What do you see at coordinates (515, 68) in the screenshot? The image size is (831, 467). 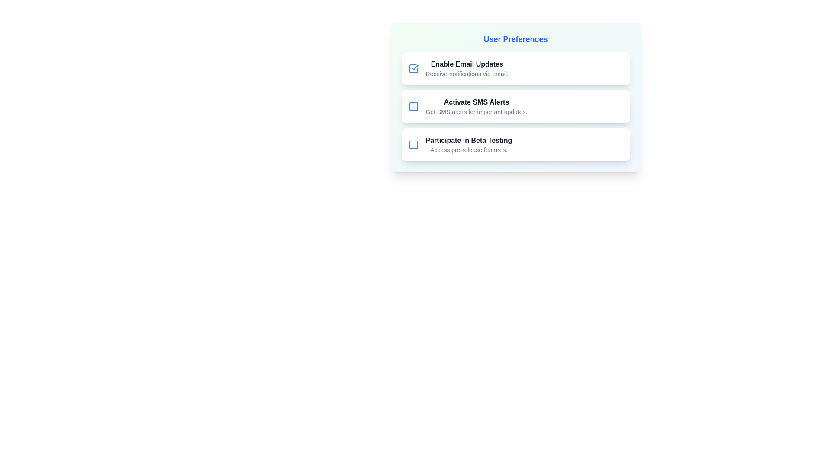 I see `the checkbox labeled 'Enable Email Updates'` at bounding box center [515, 68].